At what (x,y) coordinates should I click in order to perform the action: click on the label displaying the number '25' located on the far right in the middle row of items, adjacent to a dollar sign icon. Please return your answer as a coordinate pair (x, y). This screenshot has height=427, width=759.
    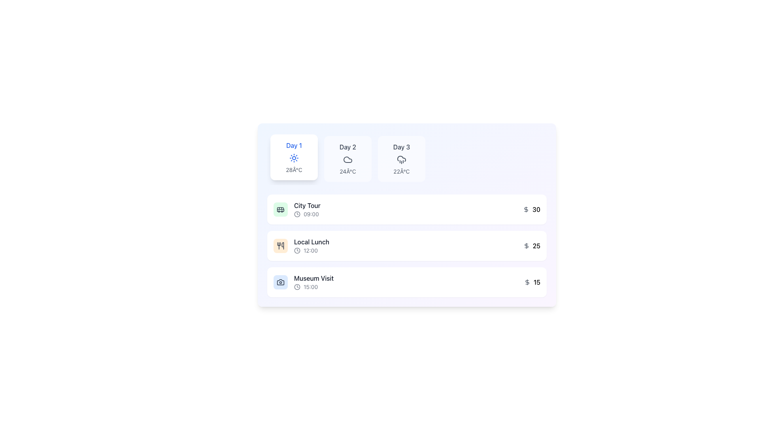
    Looking at the image, I should click on (536, 245).